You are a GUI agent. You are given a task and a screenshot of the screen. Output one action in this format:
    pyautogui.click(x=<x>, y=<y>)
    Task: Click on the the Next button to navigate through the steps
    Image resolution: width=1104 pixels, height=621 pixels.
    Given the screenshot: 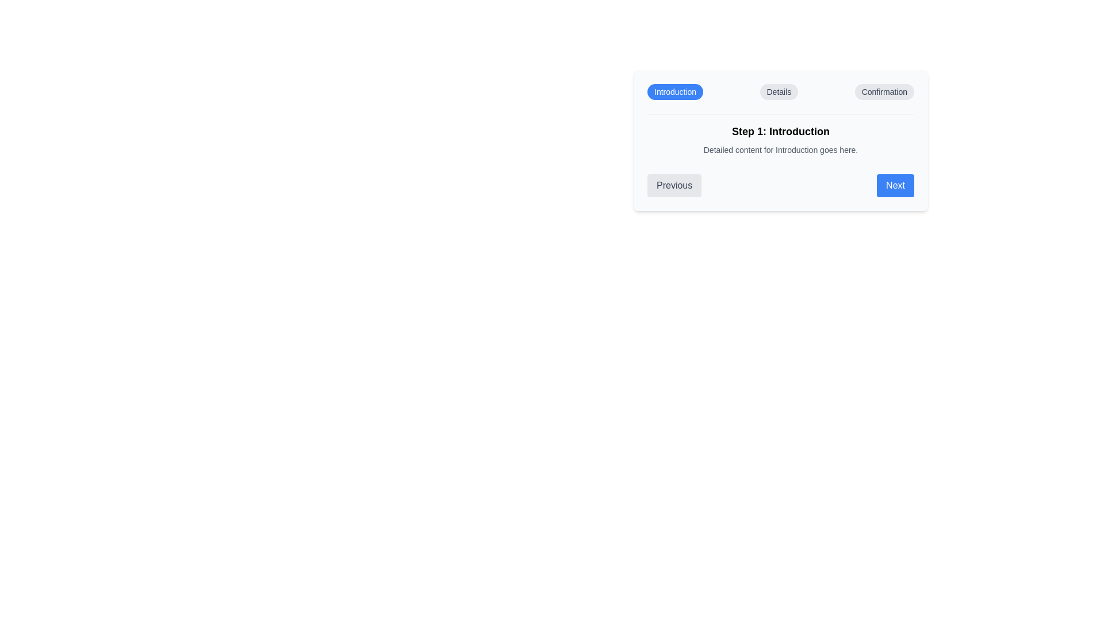 What is the action you would take?
    pyautogui.click(x=895, y=185)
    